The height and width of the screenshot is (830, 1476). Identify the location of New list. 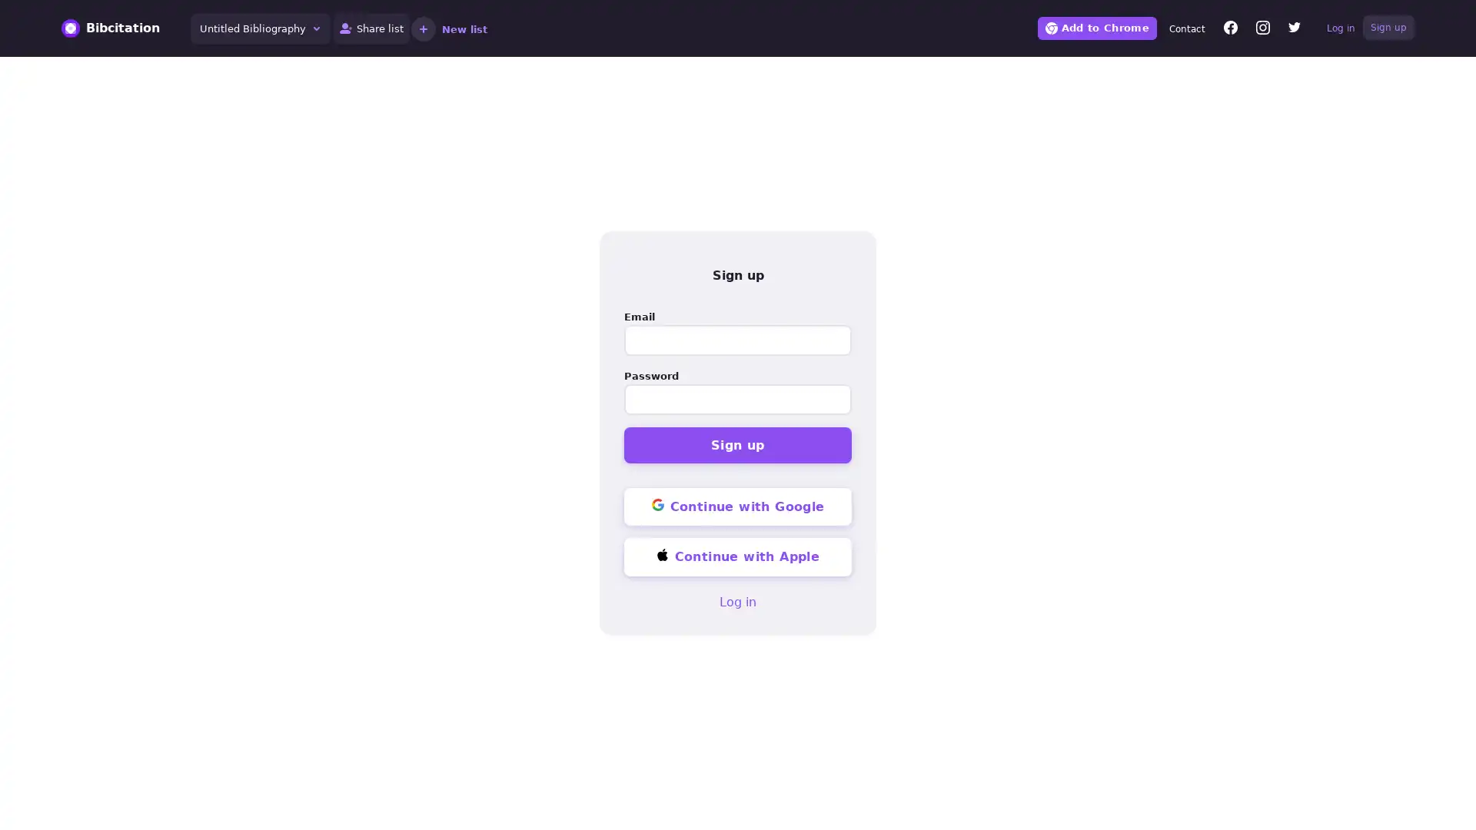
(448, 28).